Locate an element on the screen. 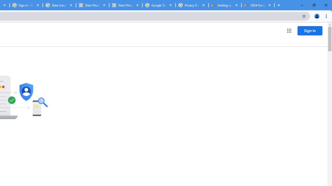  'Data Privacy Framework' is located at coordinates (93, 5).